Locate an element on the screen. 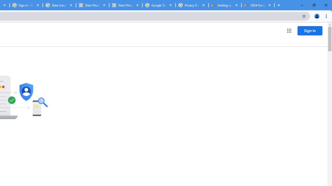  'Data Privacy Framework' is located at coordinates (93, 5).